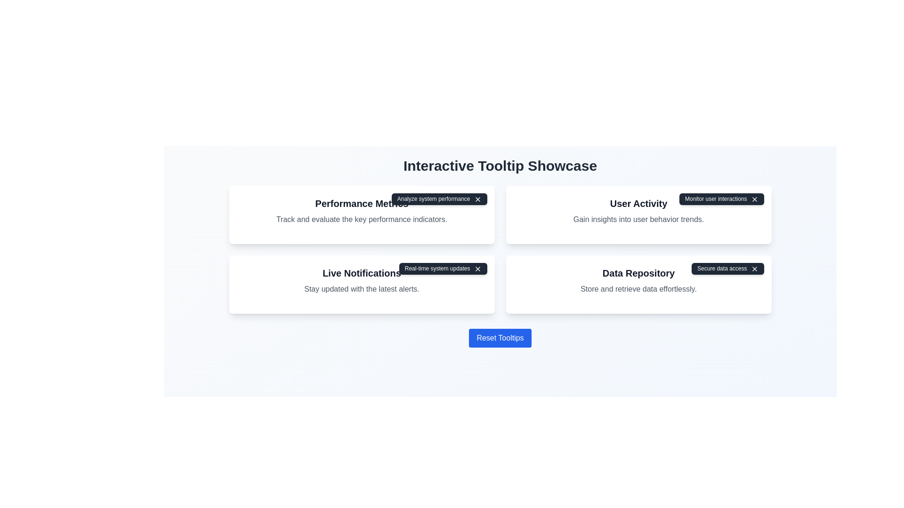 This screenshot has height=508, width=904. I want to click on the Close button located in the top right corner of the 'Analyze system performance' tooltip, so click(477, 198).